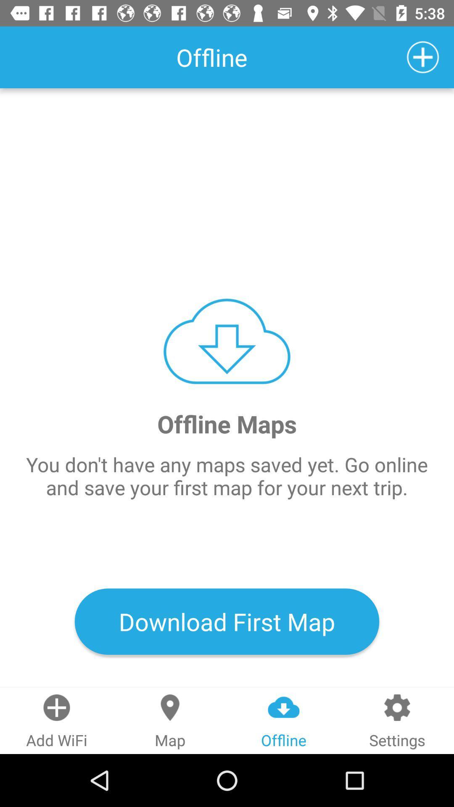 Image resolution: width=454 pixels, height=807 pixels. I want to click on add new tap, so click(423, 57).